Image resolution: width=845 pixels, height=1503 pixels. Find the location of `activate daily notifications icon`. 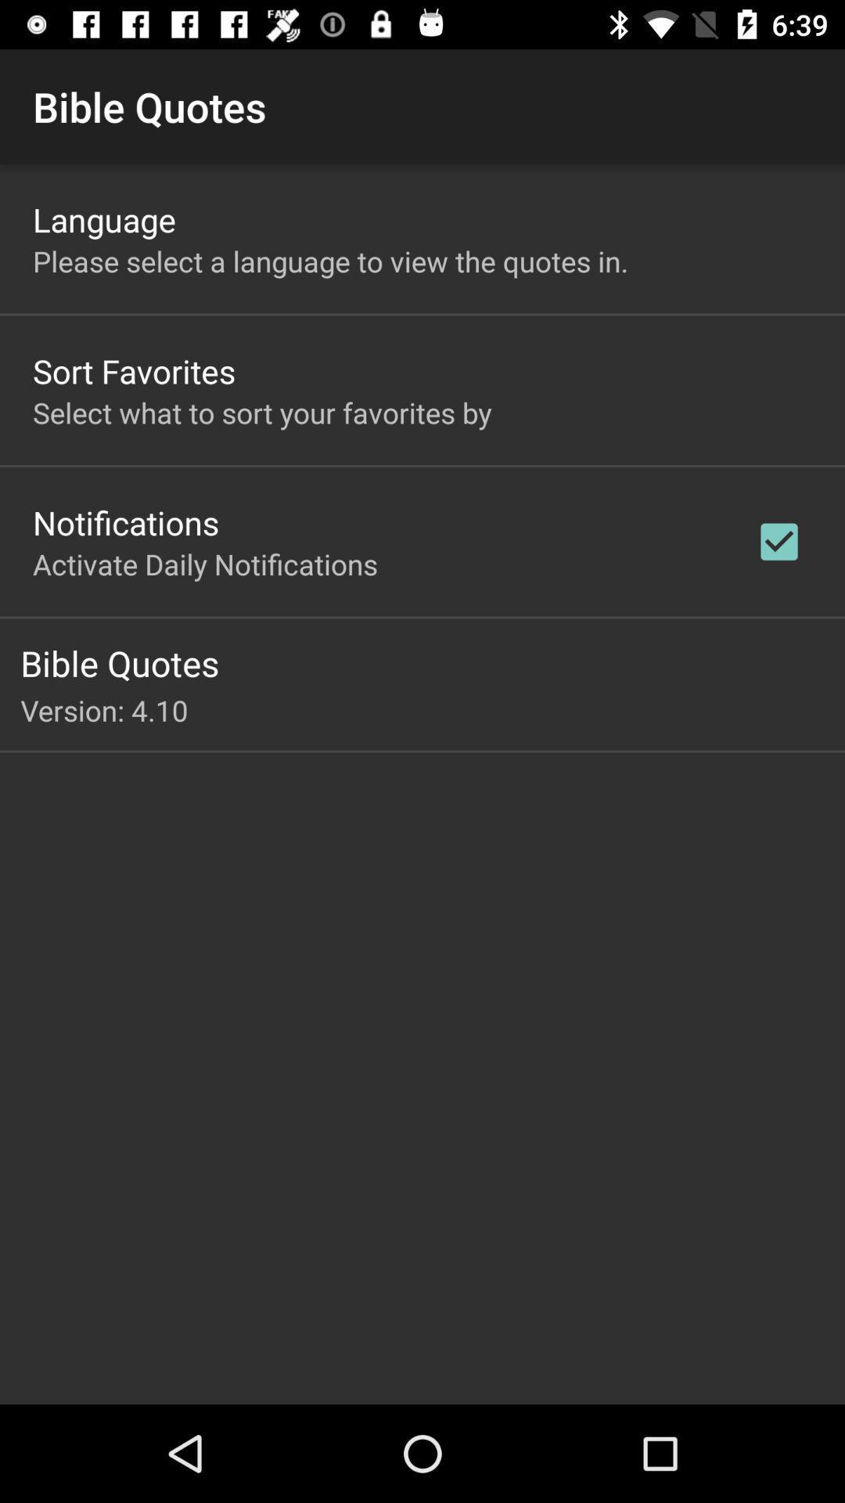

activate daily notifications icon is located at coordinates (204, 564).